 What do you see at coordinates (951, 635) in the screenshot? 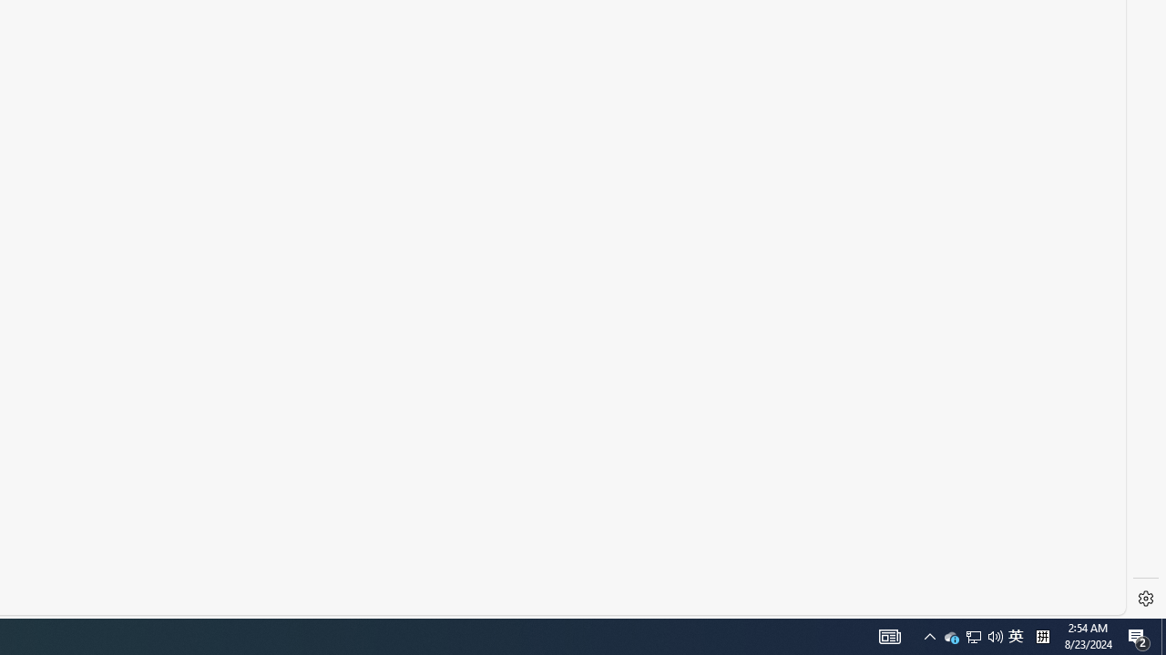
I see `'Notification Chevron'` at bounding box center [951, 635].